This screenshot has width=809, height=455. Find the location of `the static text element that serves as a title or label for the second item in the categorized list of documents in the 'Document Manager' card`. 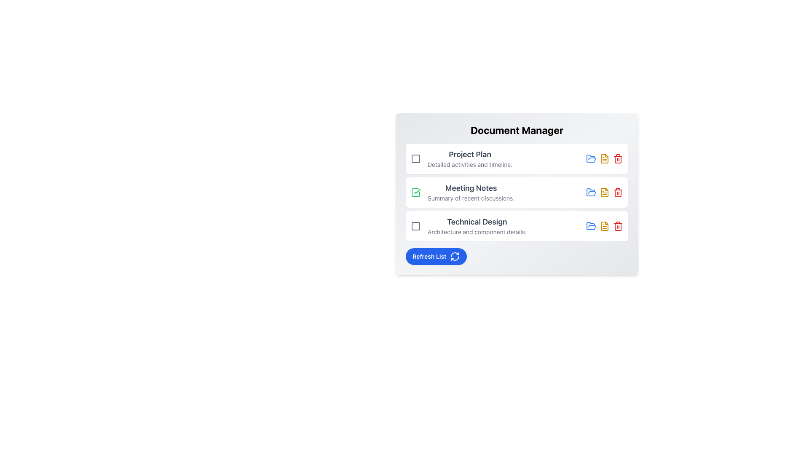

the static text element that serves as a title or label for the second item in the categorized list of documents in the 'Document Manager' card is located at coordinates (471, 188).